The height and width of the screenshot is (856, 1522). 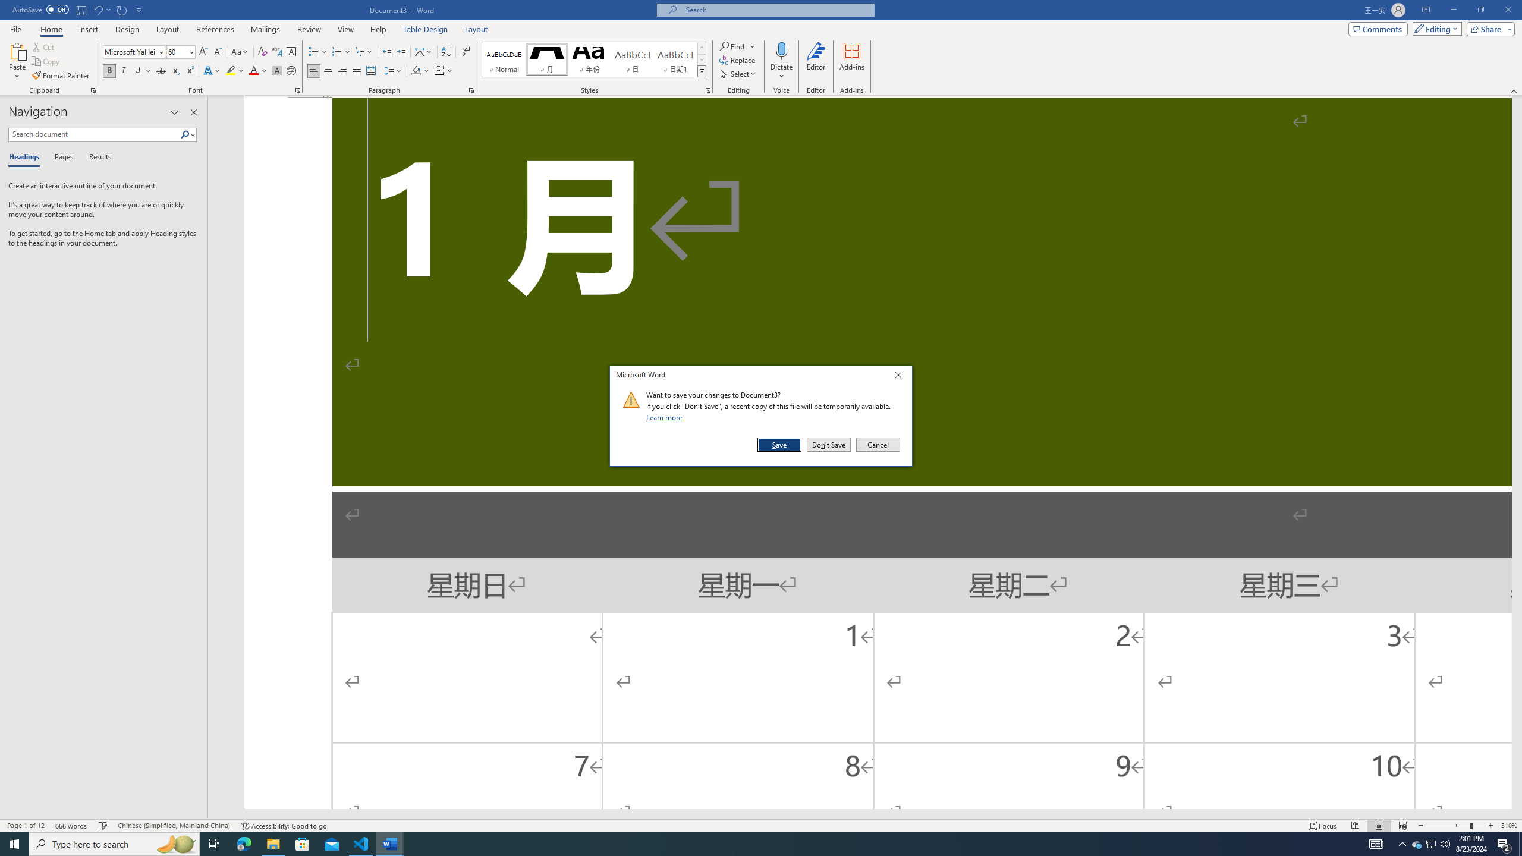 What do you see at coordinates (175, 843) in the screenshot?
I see `'Search highlights icon opens search home window'` at bounding box center [175, 843].